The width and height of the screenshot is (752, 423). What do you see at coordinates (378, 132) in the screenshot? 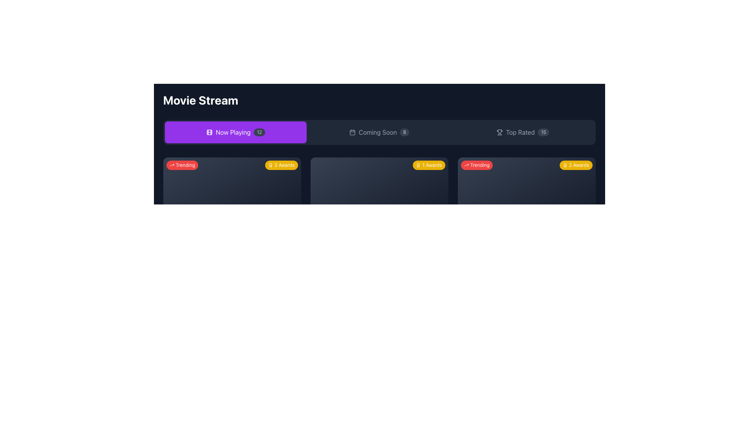
I see `the text label indicating a category or section in the navigation menu, positioned between a calendar icon and the number '8'` at bounding box center [378, 132].